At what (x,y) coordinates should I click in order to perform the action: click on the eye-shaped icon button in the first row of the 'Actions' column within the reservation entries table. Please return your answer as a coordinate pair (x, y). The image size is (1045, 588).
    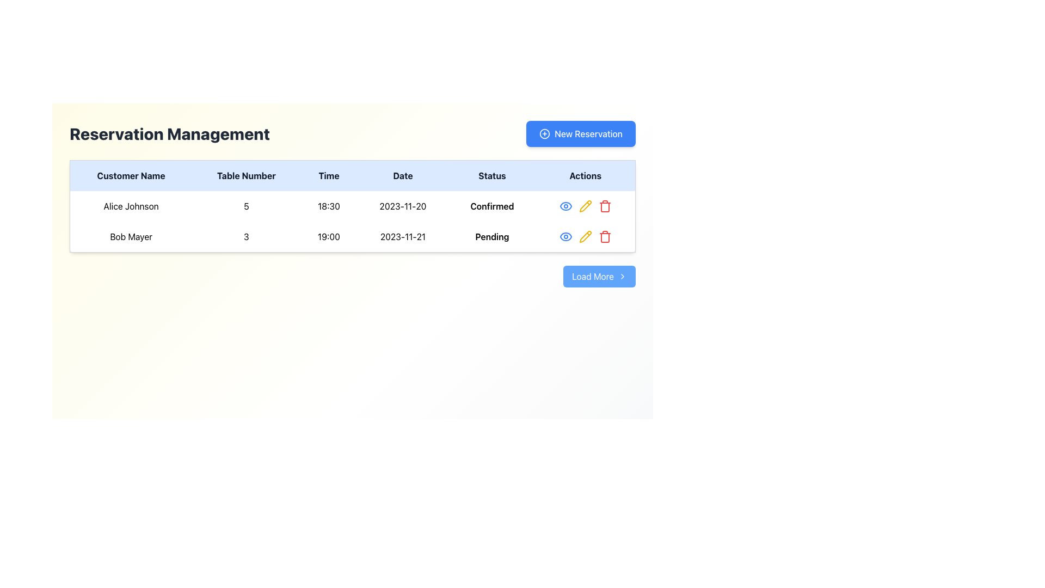
    Looking at the image, I should click on (565, 206).